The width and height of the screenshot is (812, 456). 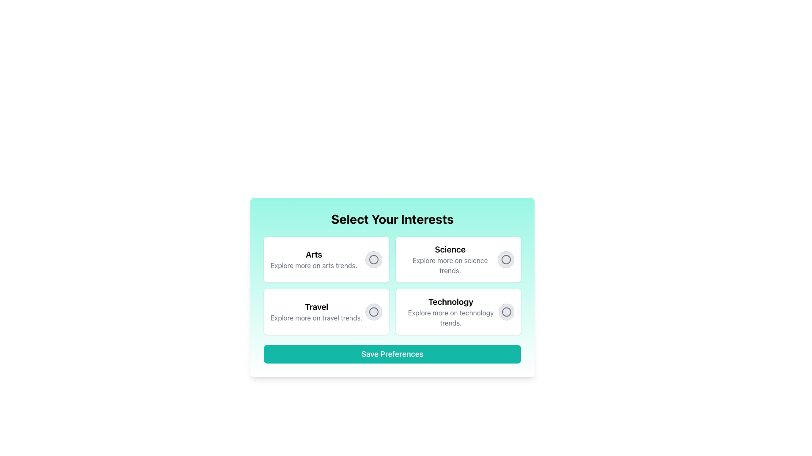 What do you see at coordinates (458, 312) in the screenshot?
I see `the radio button on the 'Technology' card located in the bottom-right section of the grid` at bounding box center [458, 312].